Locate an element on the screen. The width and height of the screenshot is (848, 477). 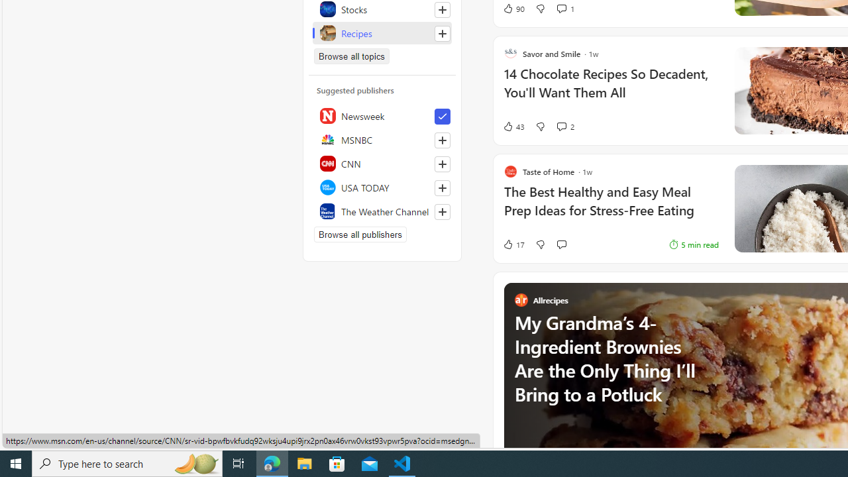
'CNN' is located at coordinates (382, 162).